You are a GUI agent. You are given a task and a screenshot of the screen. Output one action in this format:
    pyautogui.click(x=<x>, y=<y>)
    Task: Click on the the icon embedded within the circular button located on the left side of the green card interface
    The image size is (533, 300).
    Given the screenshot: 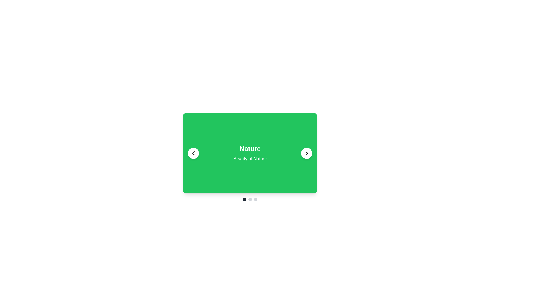 What is the action you would take?
    pyautogui.click(x=193, y=153)
    